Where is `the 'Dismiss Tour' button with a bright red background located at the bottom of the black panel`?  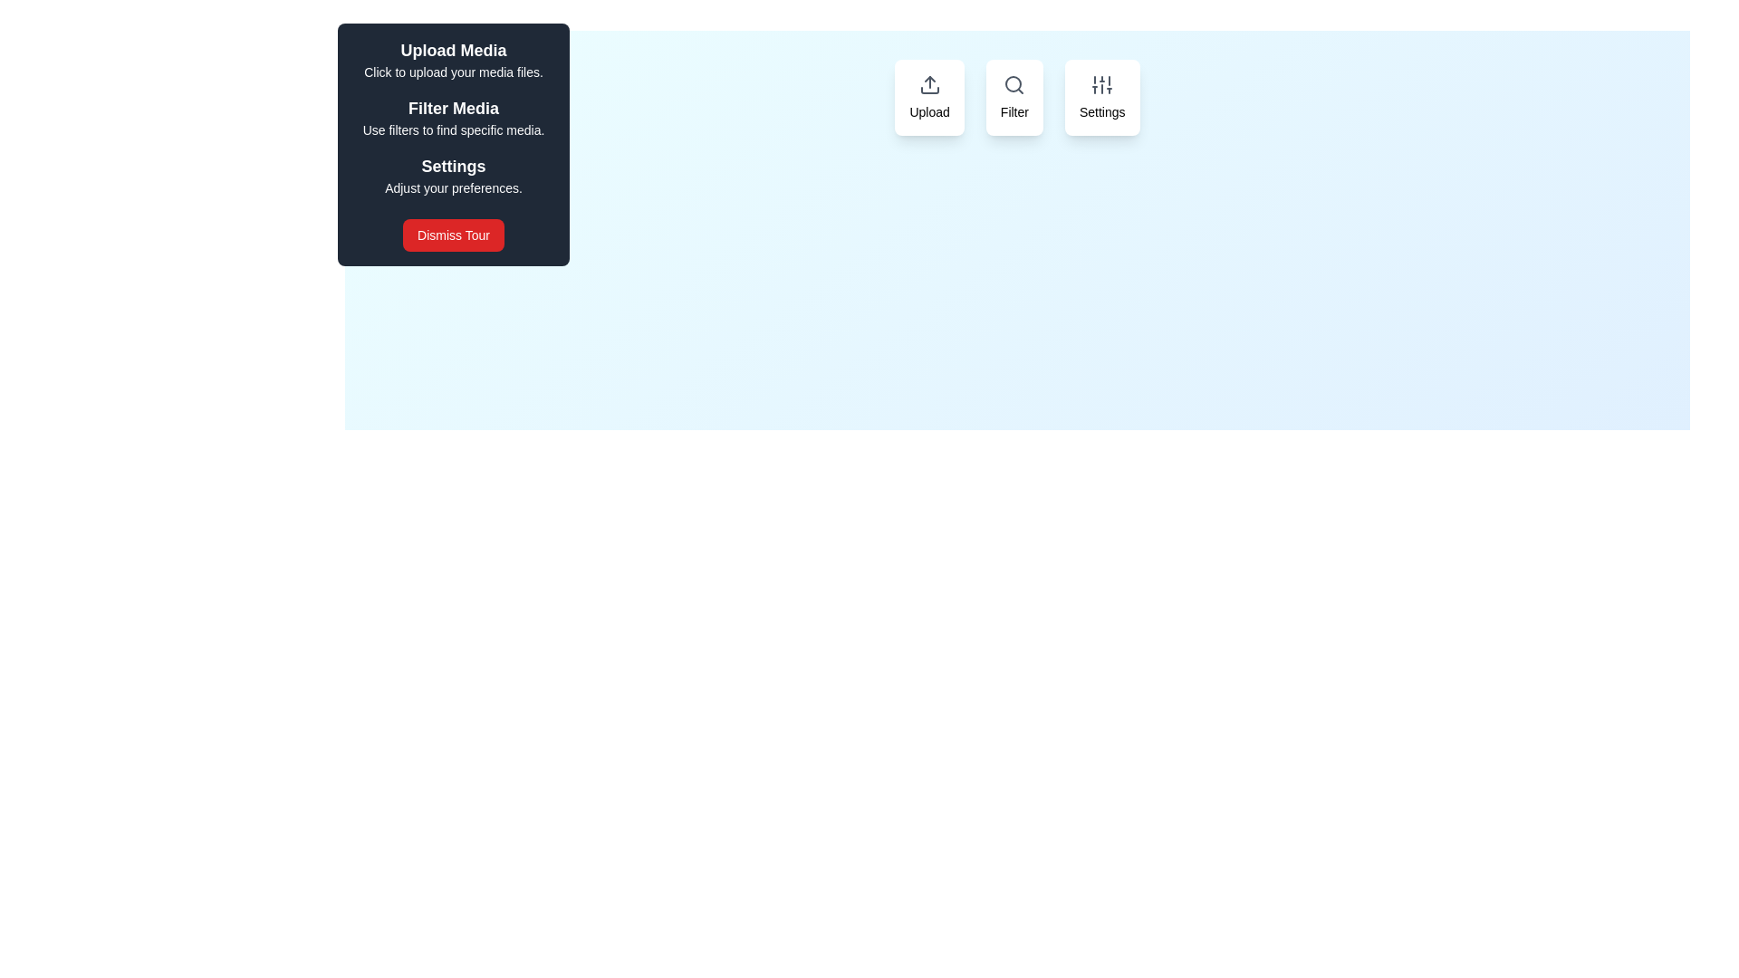 the 'Dismiss Tour' button with a bright red background located at the bottom of the black panel is located at coordinates (453, 234).